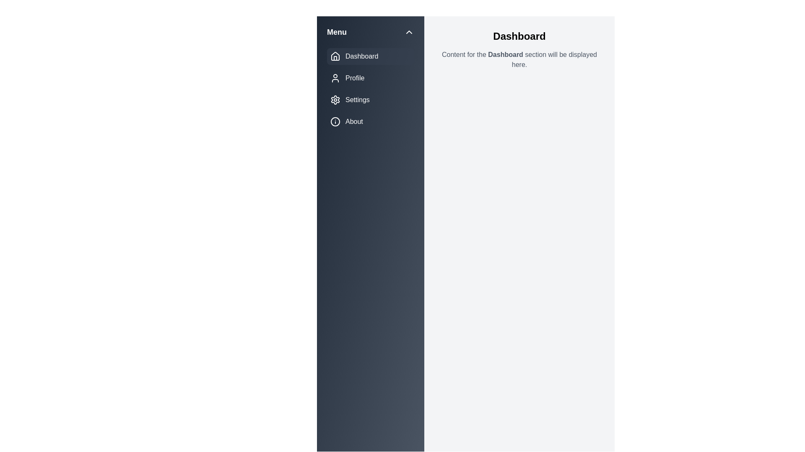 The image size is (805, 452). Describe the element at coordinates (335, 56) in the screenshot. I see `the house icon located above the 'Profile' and 'Settings' menu items in the sidebar` at that location.